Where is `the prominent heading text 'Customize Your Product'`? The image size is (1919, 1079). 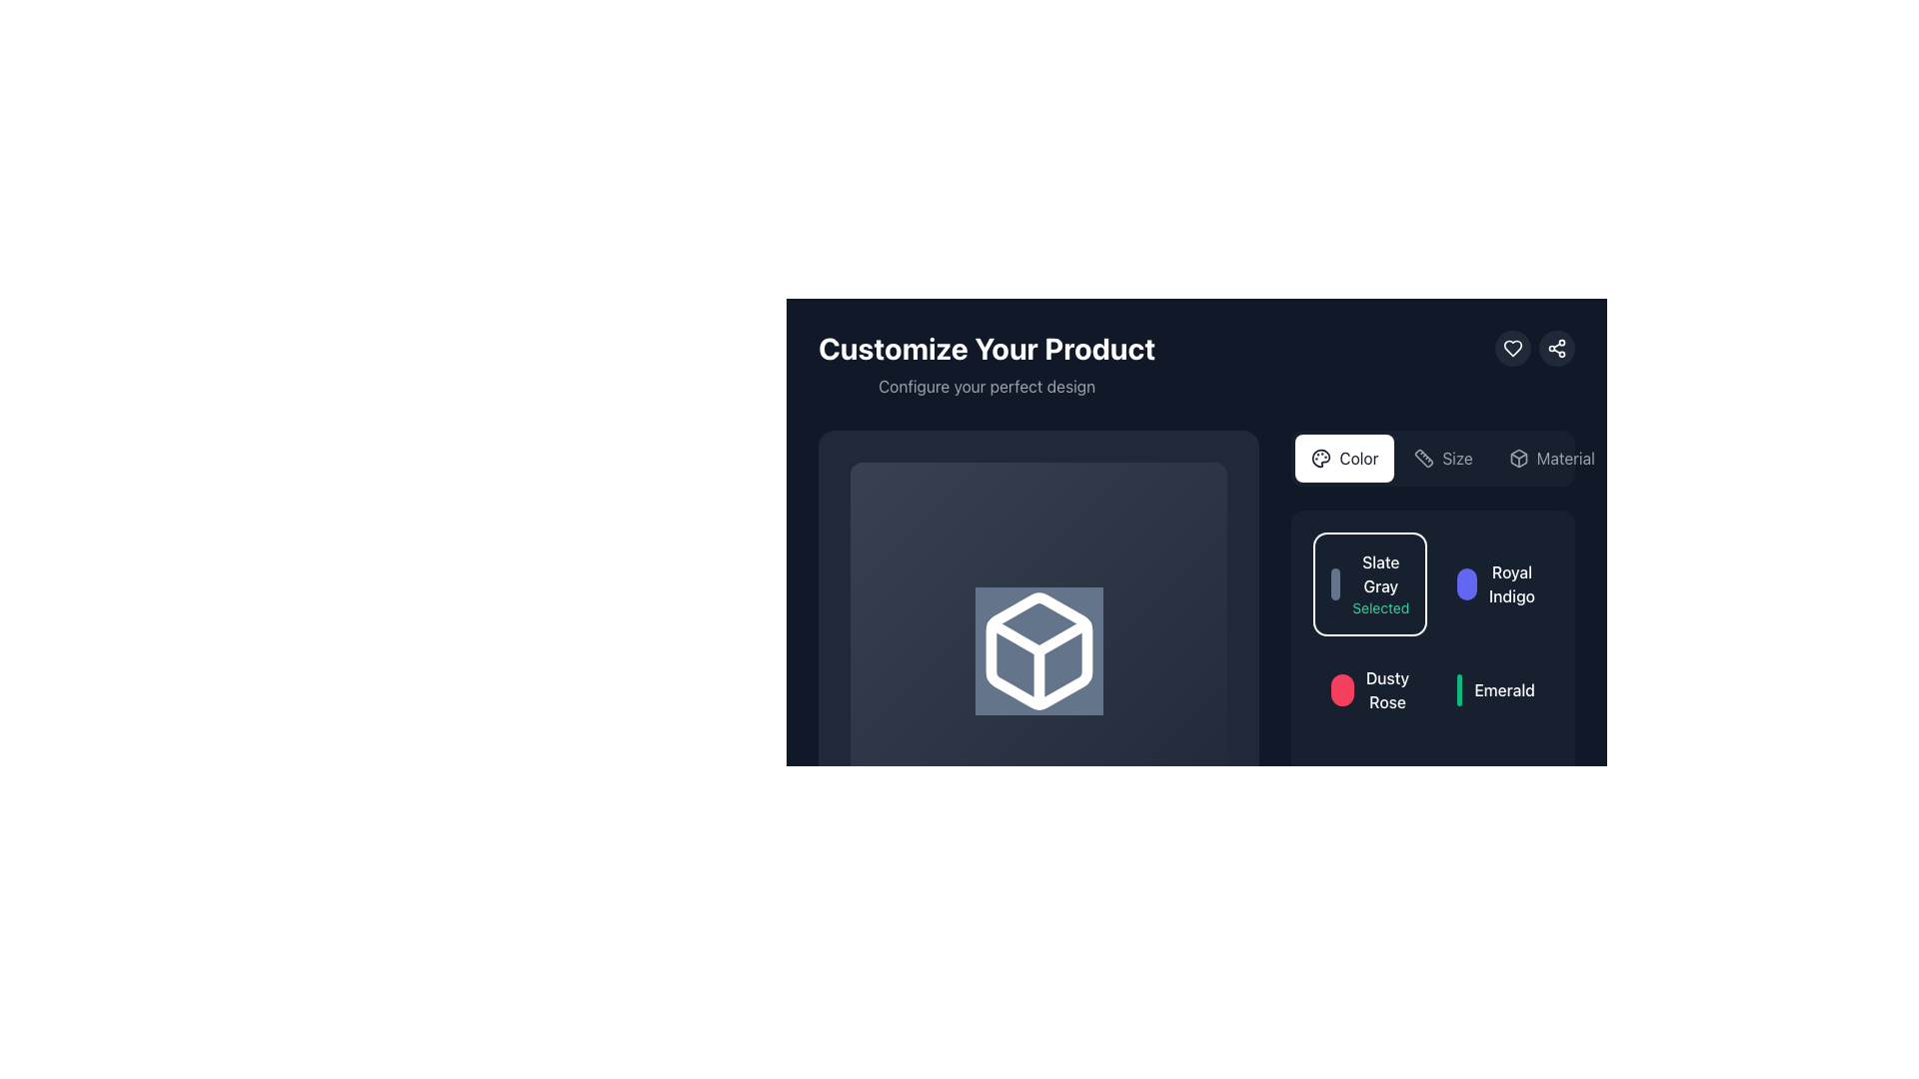 the prominent heading text 'Customize Your Product' is located at coordinates (986, 347).